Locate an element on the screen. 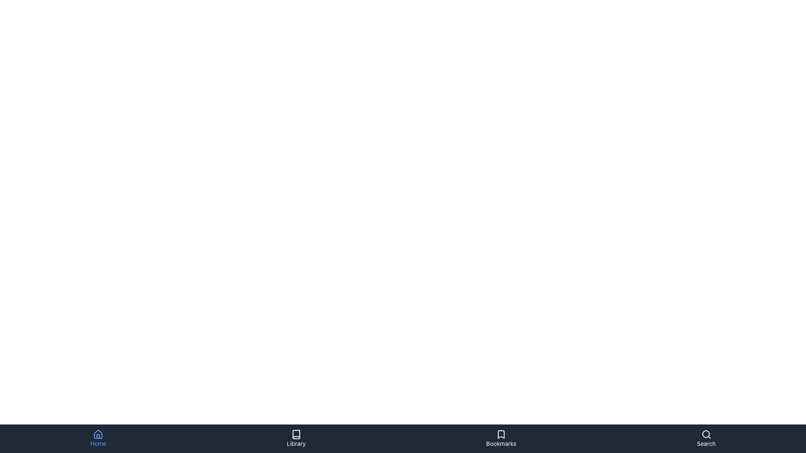 This screenshot has height=453, width=806. the bookmark icon, which is an upside-down triangular flag located in the bottom navigation bar above the 'Bookmarks' label is located at coordinates (501, 434).